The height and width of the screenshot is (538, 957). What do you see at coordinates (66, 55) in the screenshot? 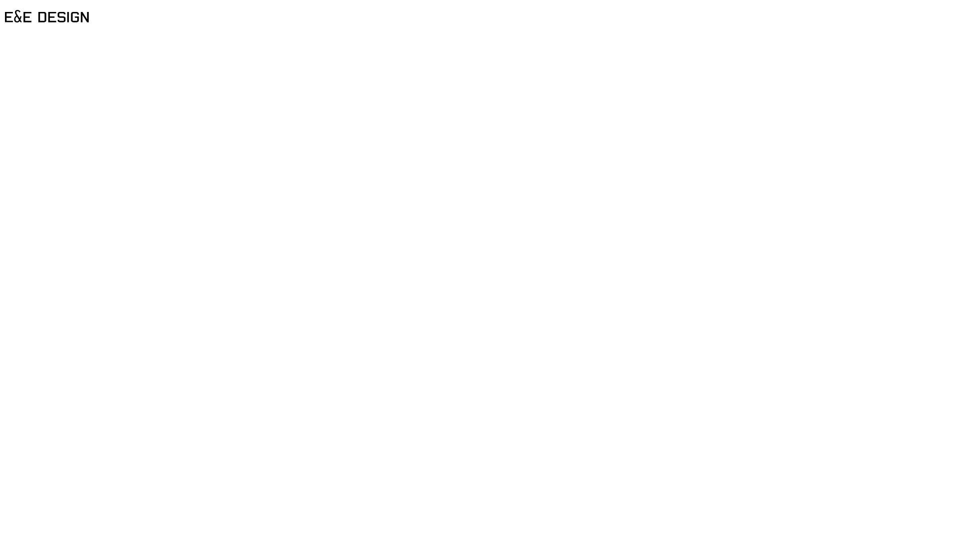
I see `'info@eandedesign.com.au'` at bounding box center [66, 55].